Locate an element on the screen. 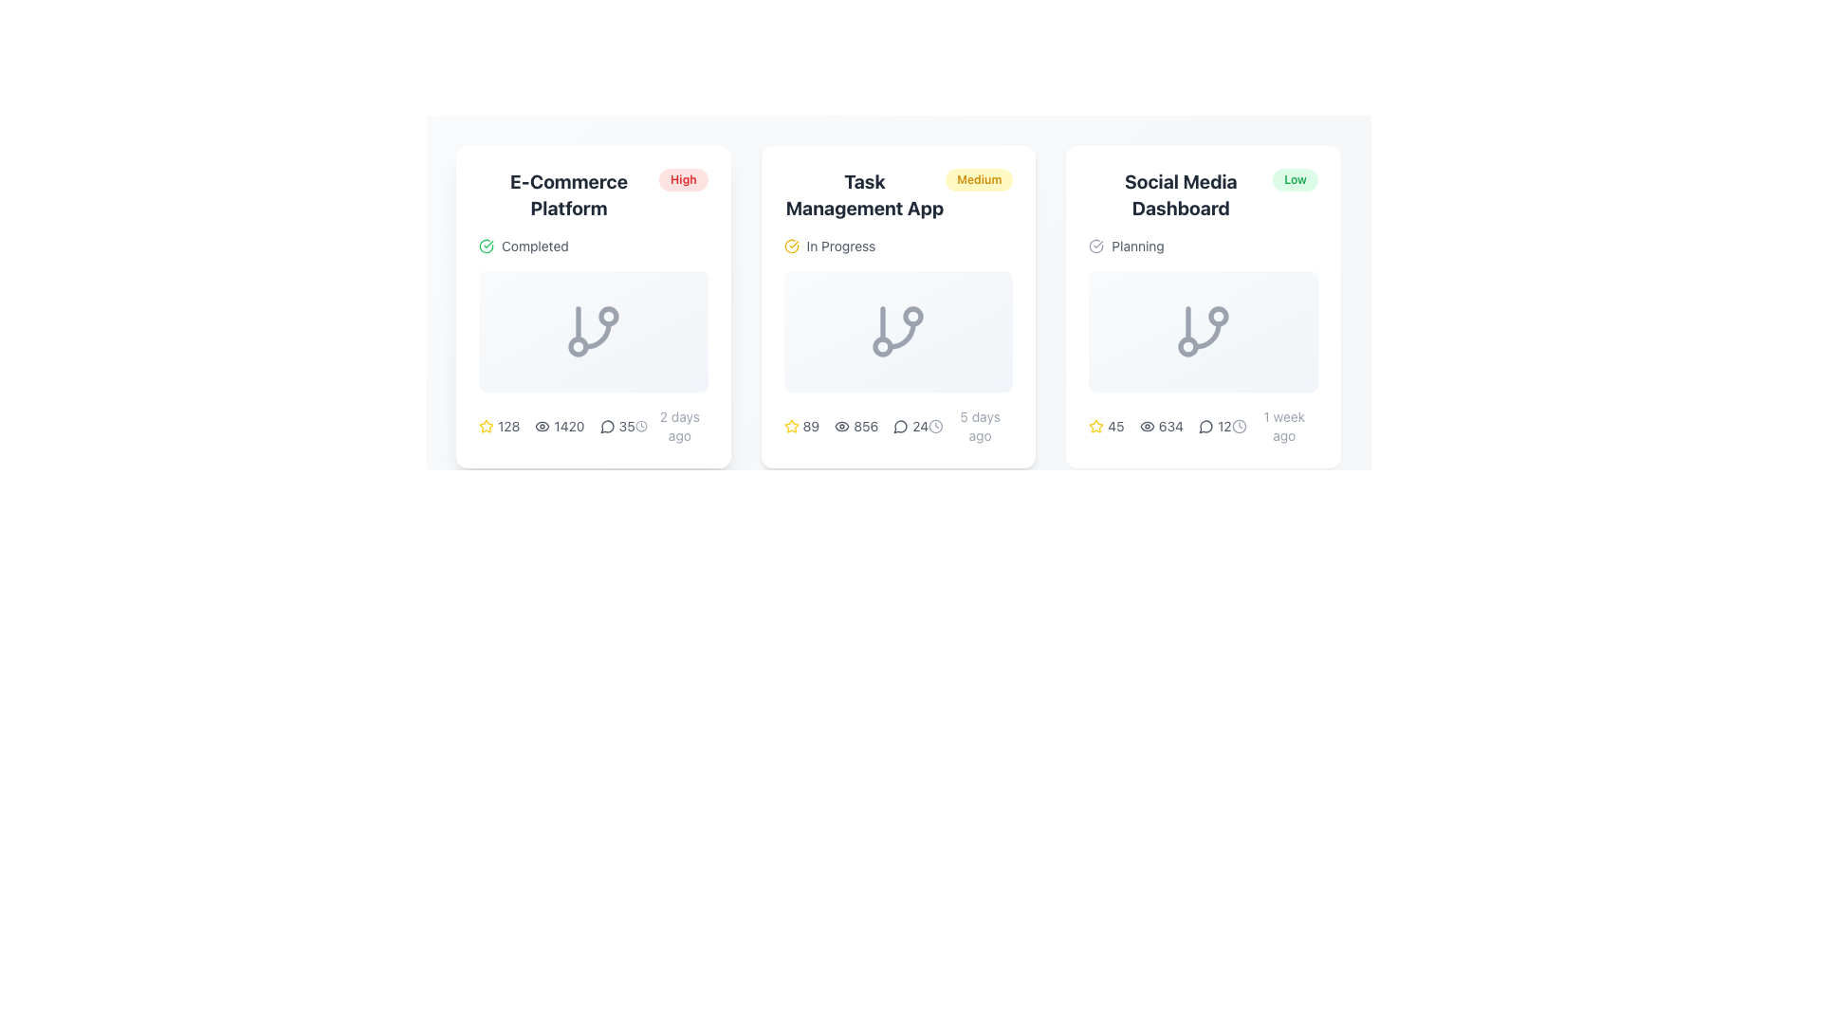 Image resolution: width=1821 pixels, height=1024 pixels. the time icon located in the summary section of the 'Task Management App' card, which is positioned to the left of the text '5 days ago' is located at coordinates (936, 427).